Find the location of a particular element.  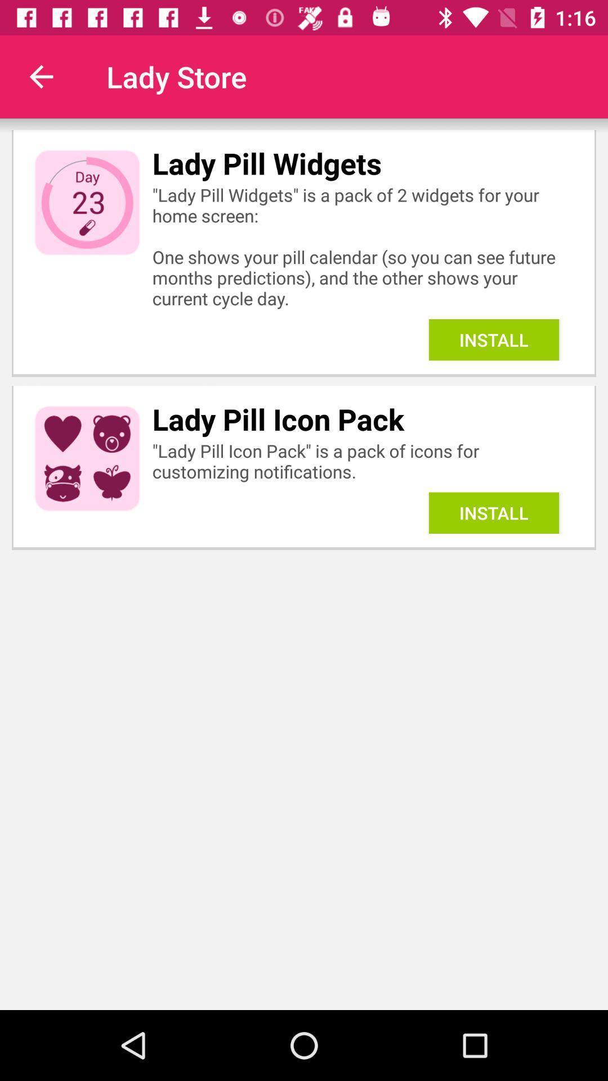

item to the left of lady store is located at coordinates (41, 76).